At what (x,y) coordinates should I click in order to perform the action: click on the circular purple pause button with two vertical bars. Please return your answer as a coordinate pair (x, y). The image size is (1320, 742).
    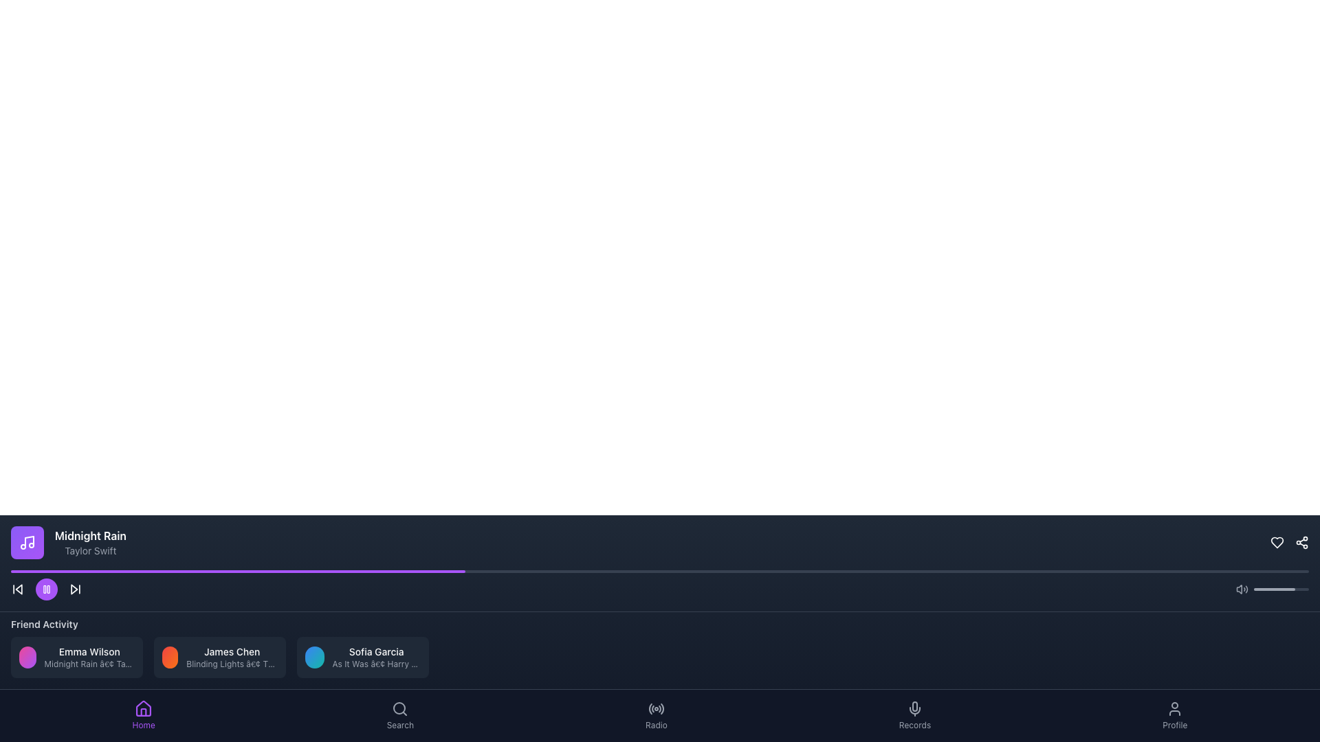
    Looking at the image, I should click on (46, 588).